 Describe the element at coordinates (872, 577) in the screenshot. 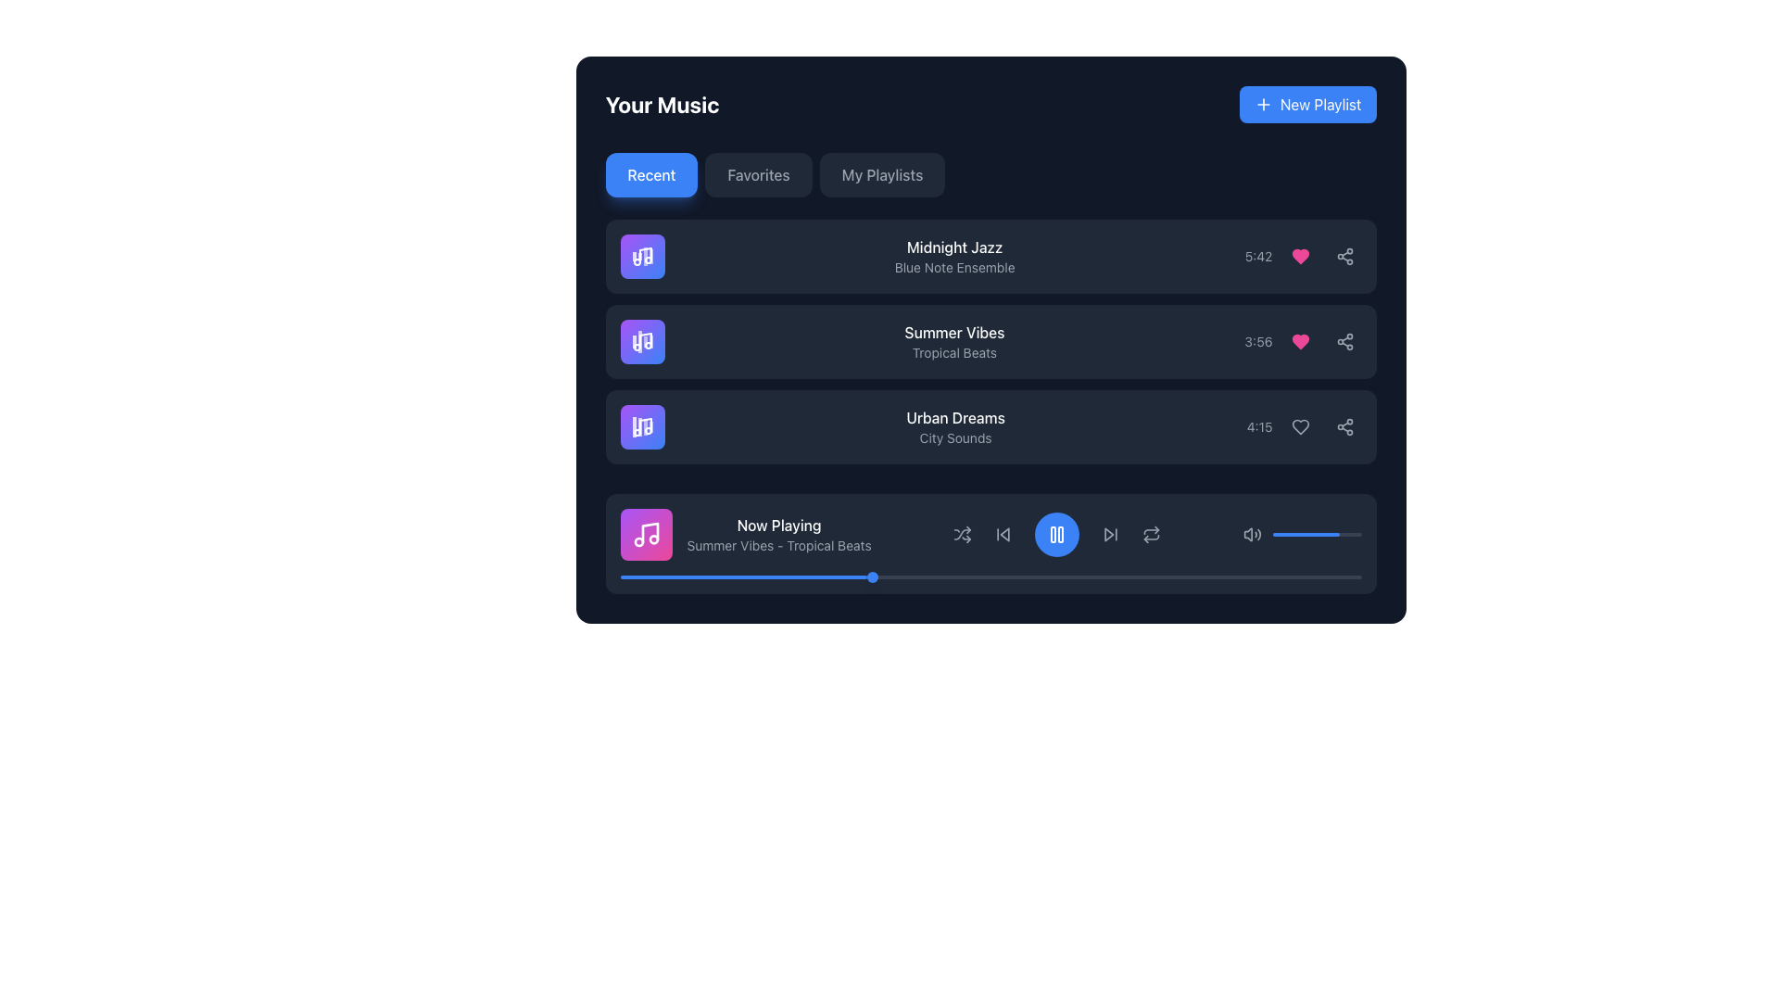

I see `the small blue circular marker on the progress bar` at that location.